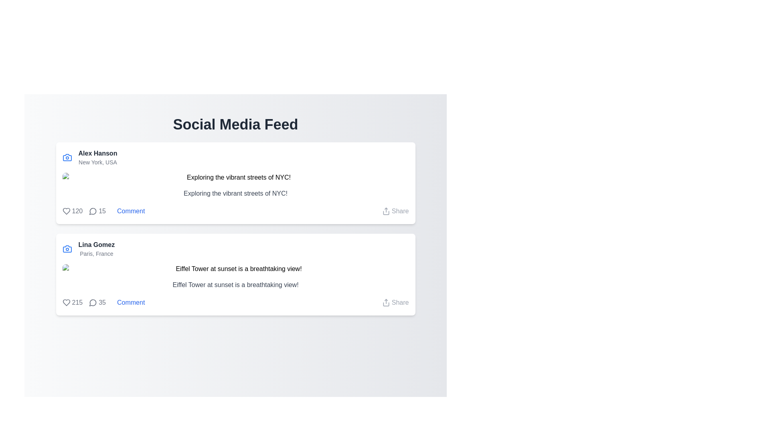 The width and height of the screenshot is (770, 433). Describe the element at coordinates (105, 211) in the screenshot. I see `displayed metrics on the Interactive Panel with Button and Metrics located beneath the user's post in the social media feed, specifically to the left of the 'Share' option` at that location.